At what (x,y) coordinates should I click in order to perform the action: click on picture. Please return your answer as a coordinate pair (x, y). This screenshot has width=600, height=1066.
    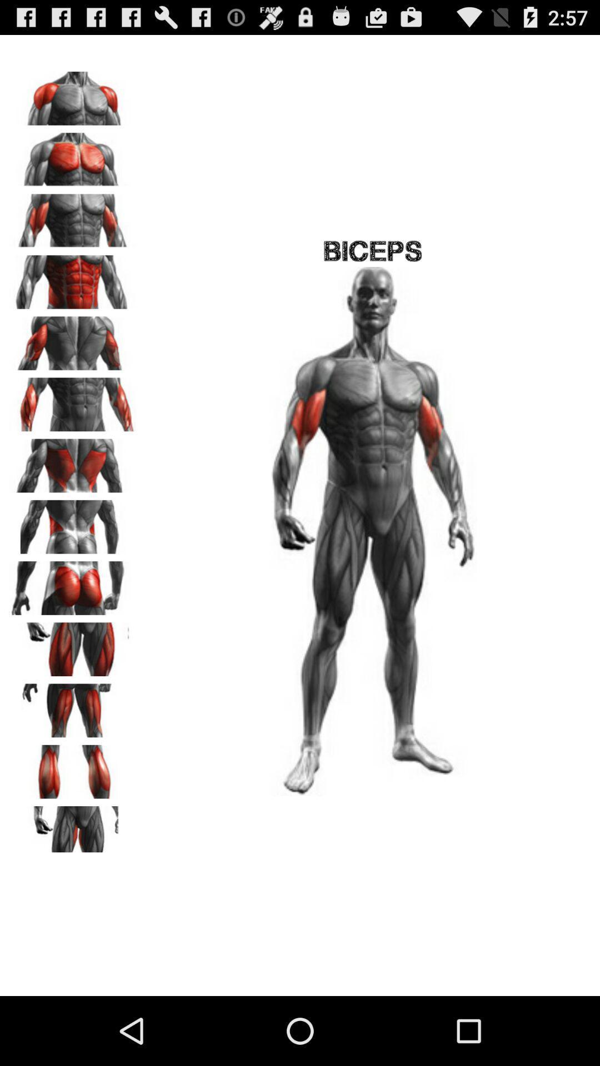
    Looking at the image, I should click on (73, 217).